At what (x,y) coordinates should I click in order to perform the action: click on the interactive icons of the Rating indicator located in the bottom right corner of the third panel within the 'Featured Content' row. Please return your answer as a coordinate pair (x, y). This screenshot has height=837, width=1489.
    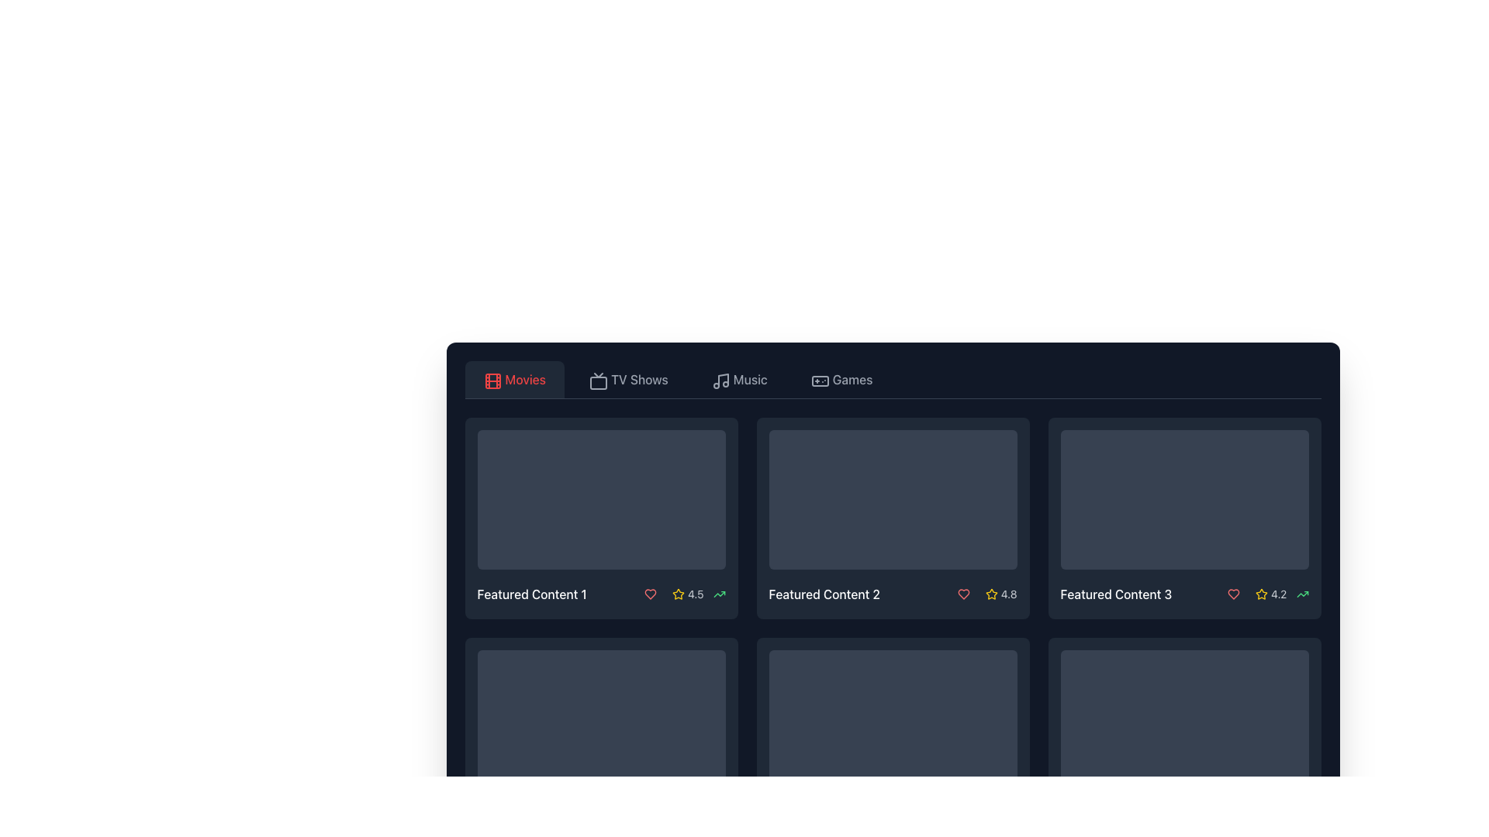
    Looking at the image, I should click on (1265, 594).